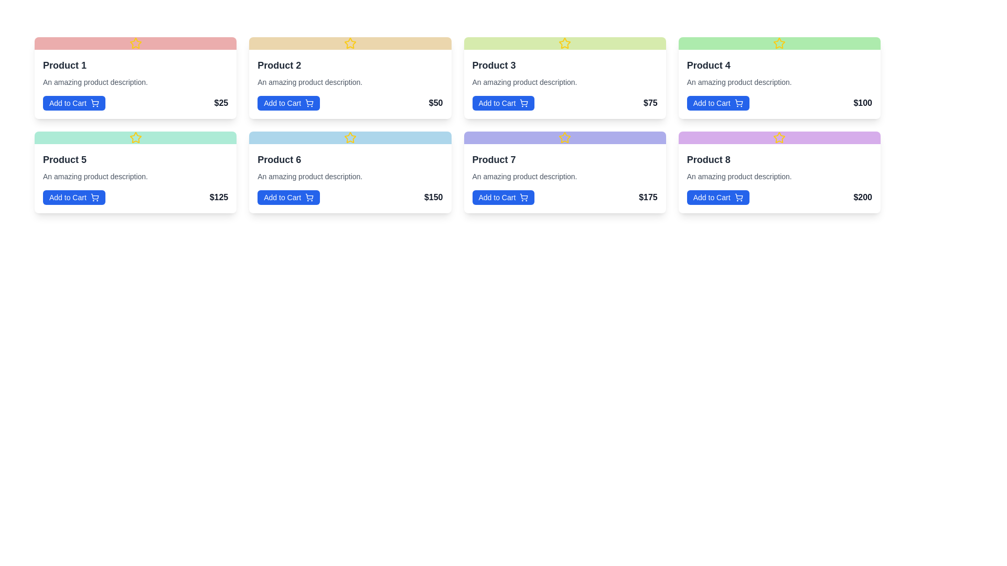  I want to click on the Text Label that serves as the title or name of the item listed in the 'Product 8' card, which is positioned at the top center of the purple-colored card, so click(709, 159).